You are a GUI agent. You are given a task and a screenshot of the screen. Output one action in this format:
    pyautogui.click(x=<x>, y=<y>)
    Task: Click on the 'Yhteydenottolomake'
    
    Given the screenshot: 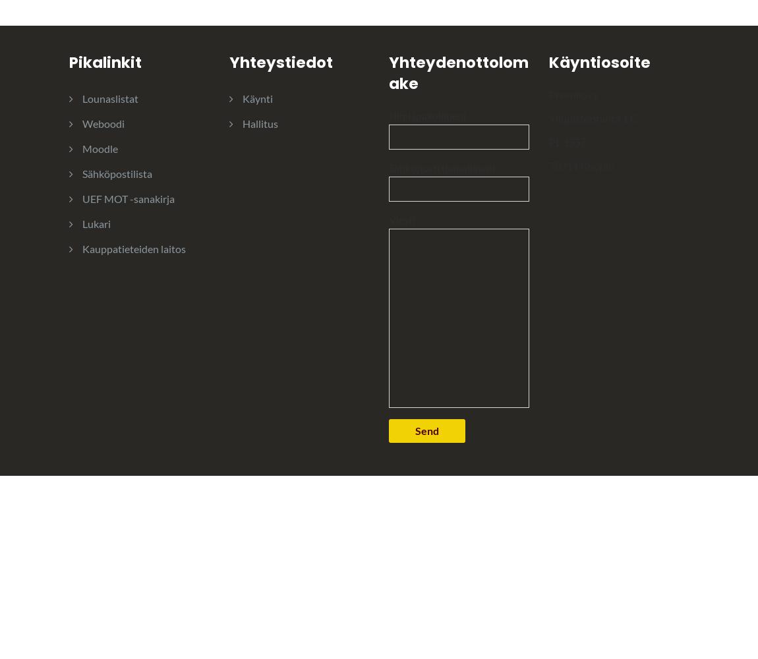 What is the action you would take?
    pyautogui.click(x=457, y=72)
    